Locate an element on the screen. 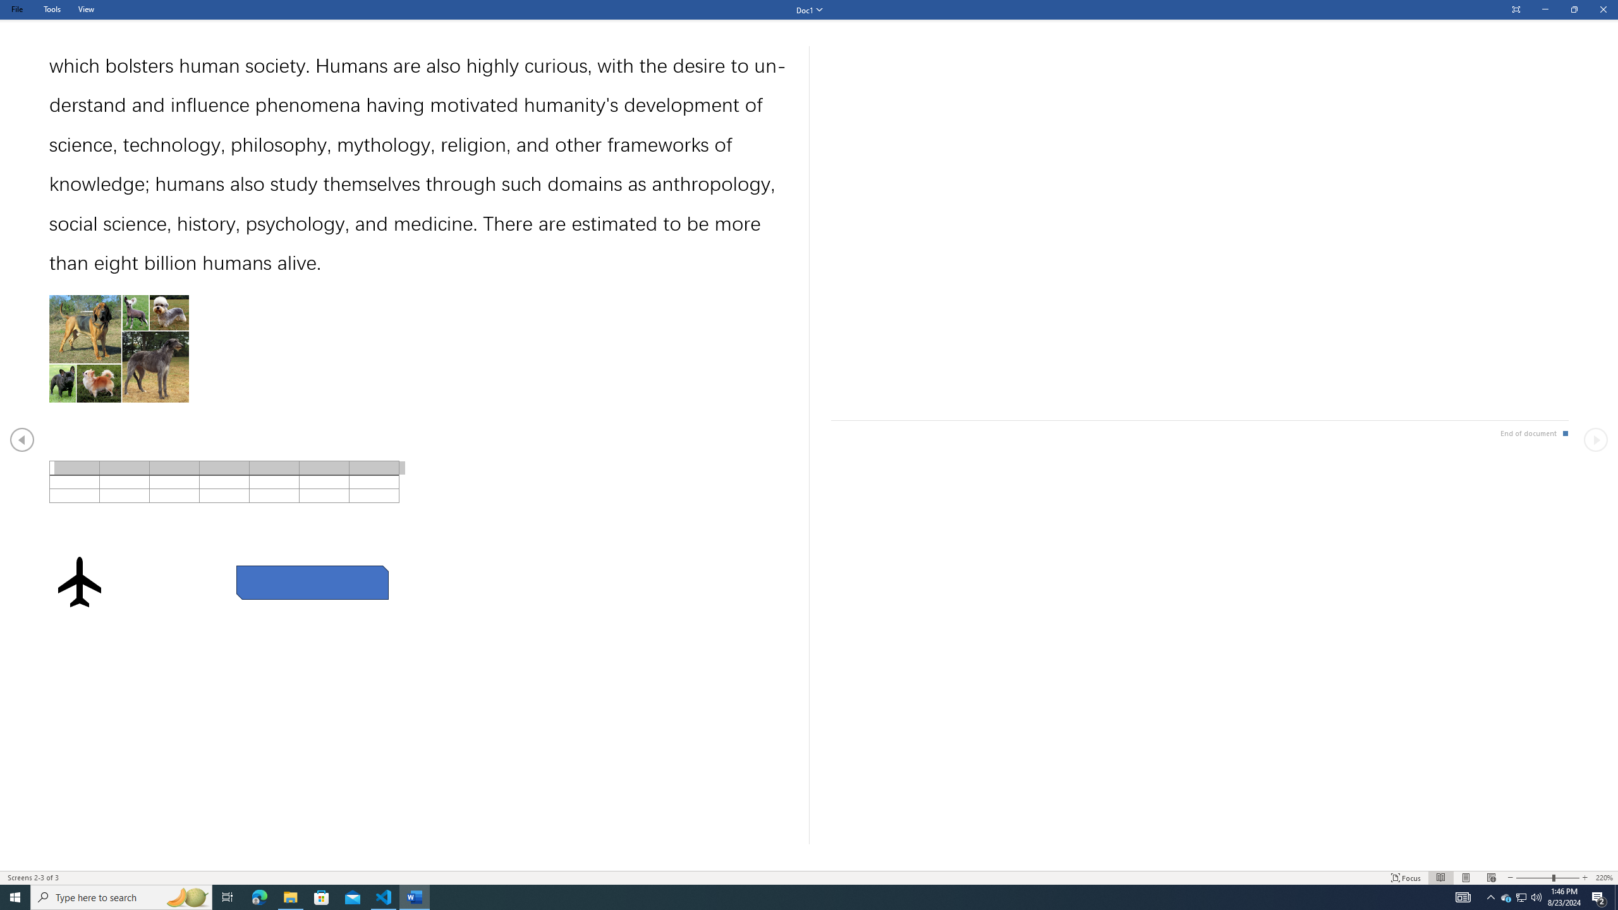 The width and height of the screenshot is (1618, 910). 'Decrease Text Size' is located at coordinates (1509, 878).